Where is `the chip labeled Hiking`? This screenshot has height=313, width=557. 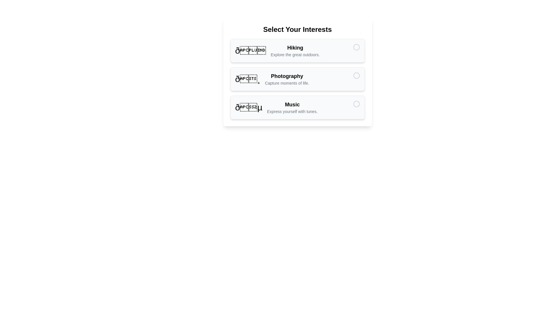
the chip labeled Hiking is located at coordinates (297, 50).